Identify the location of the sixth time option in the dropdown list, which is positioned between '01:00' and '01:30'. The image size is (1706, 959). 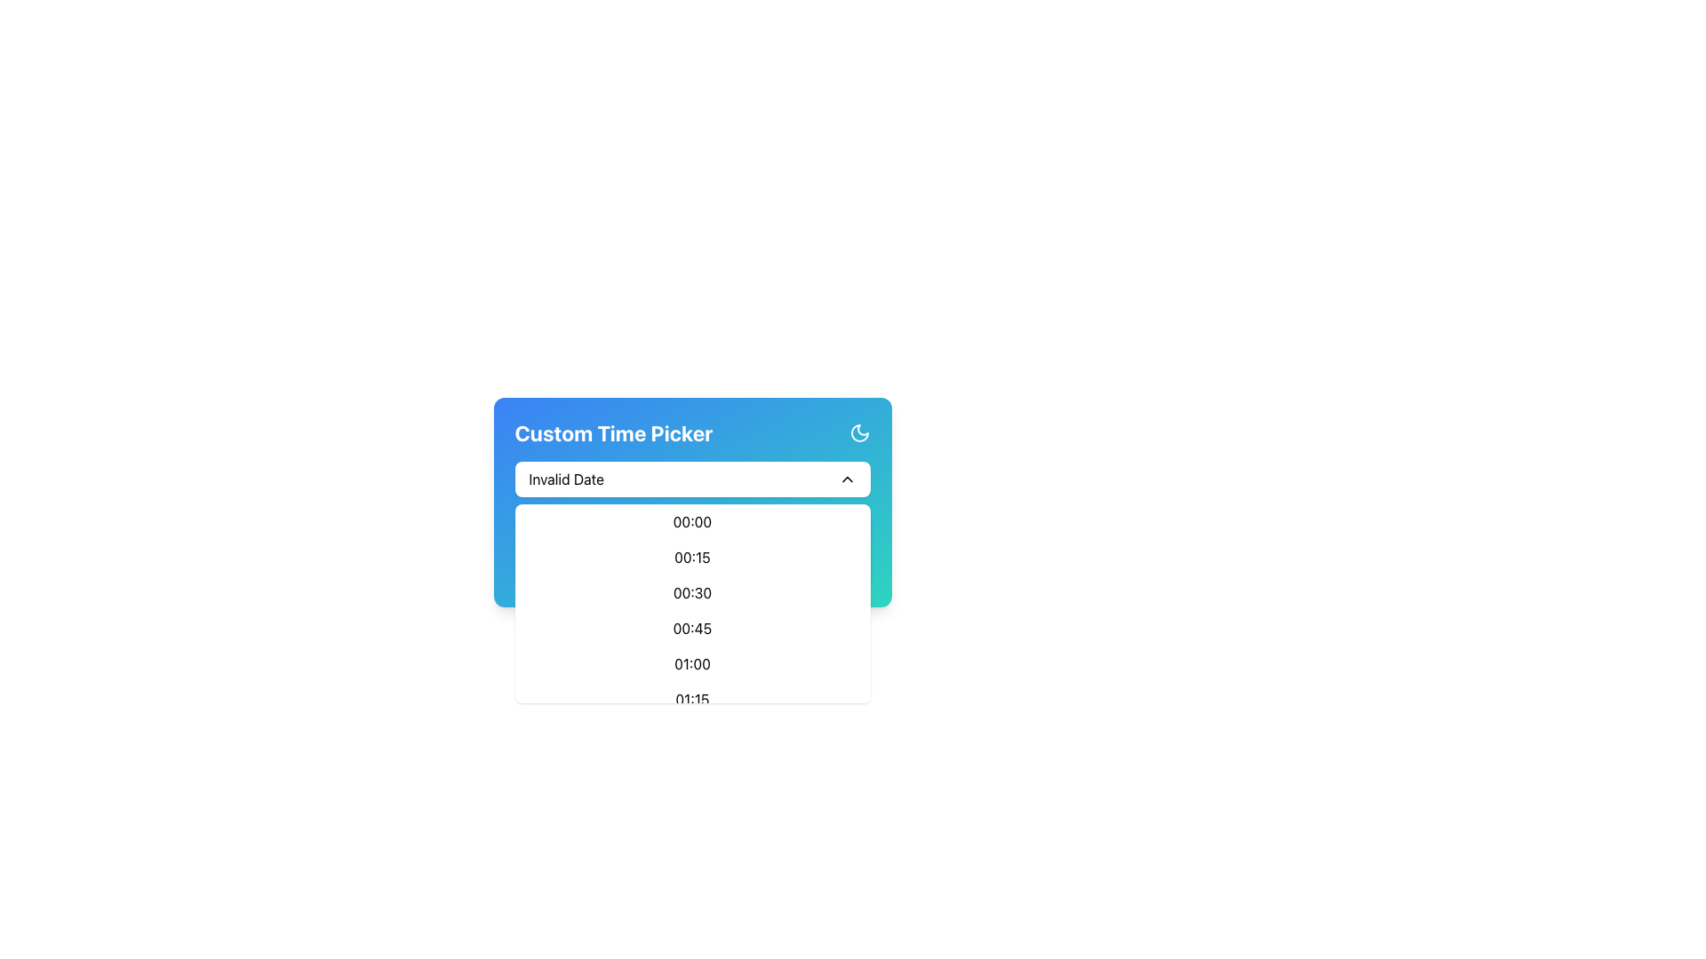
(691, 698).